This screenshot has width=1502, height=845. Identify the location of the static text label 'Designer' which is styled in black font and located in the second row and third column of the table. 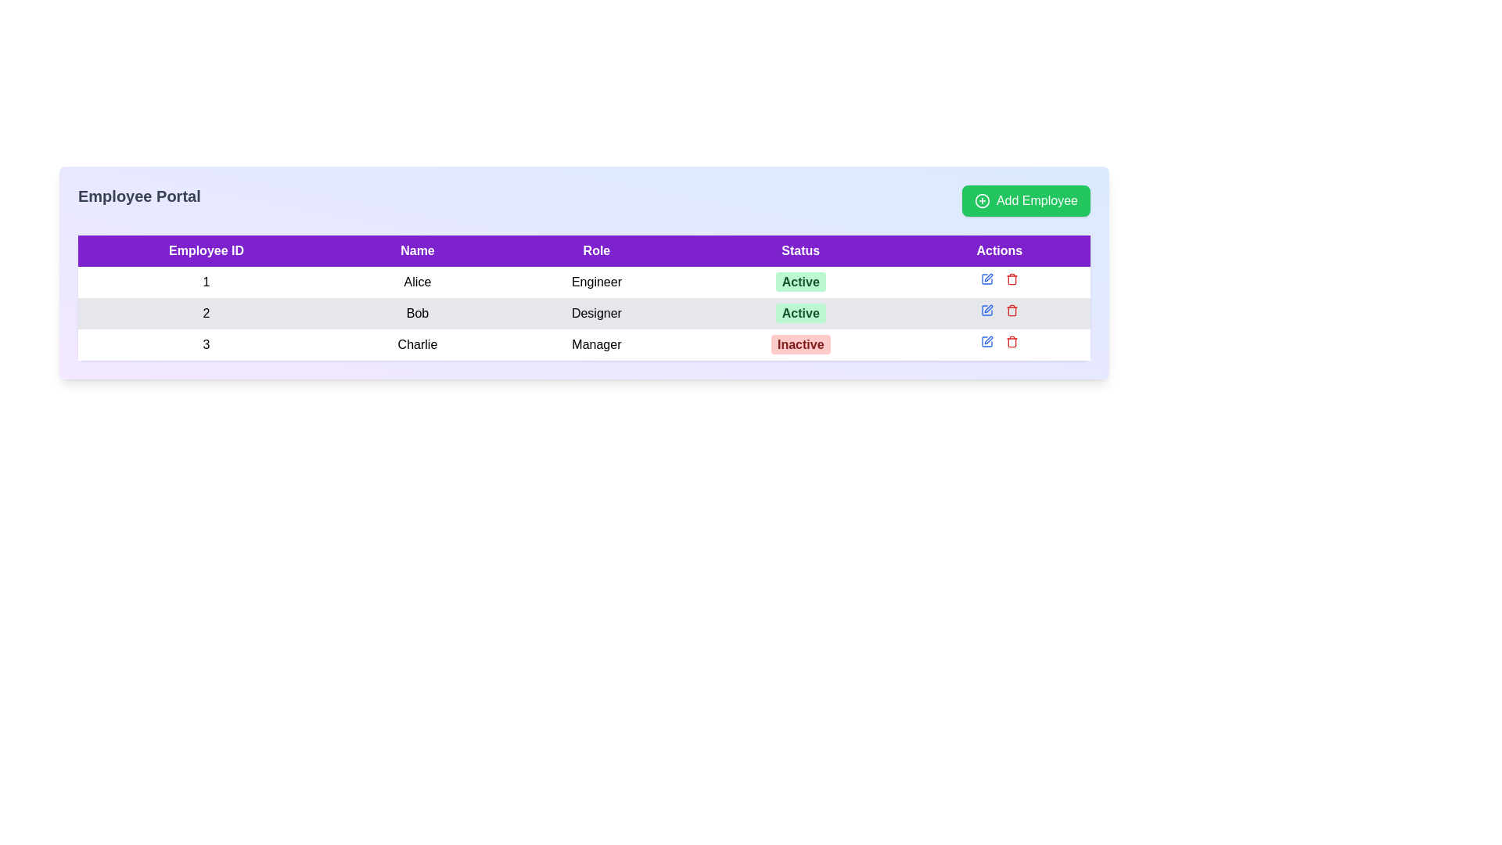
(596, 314).